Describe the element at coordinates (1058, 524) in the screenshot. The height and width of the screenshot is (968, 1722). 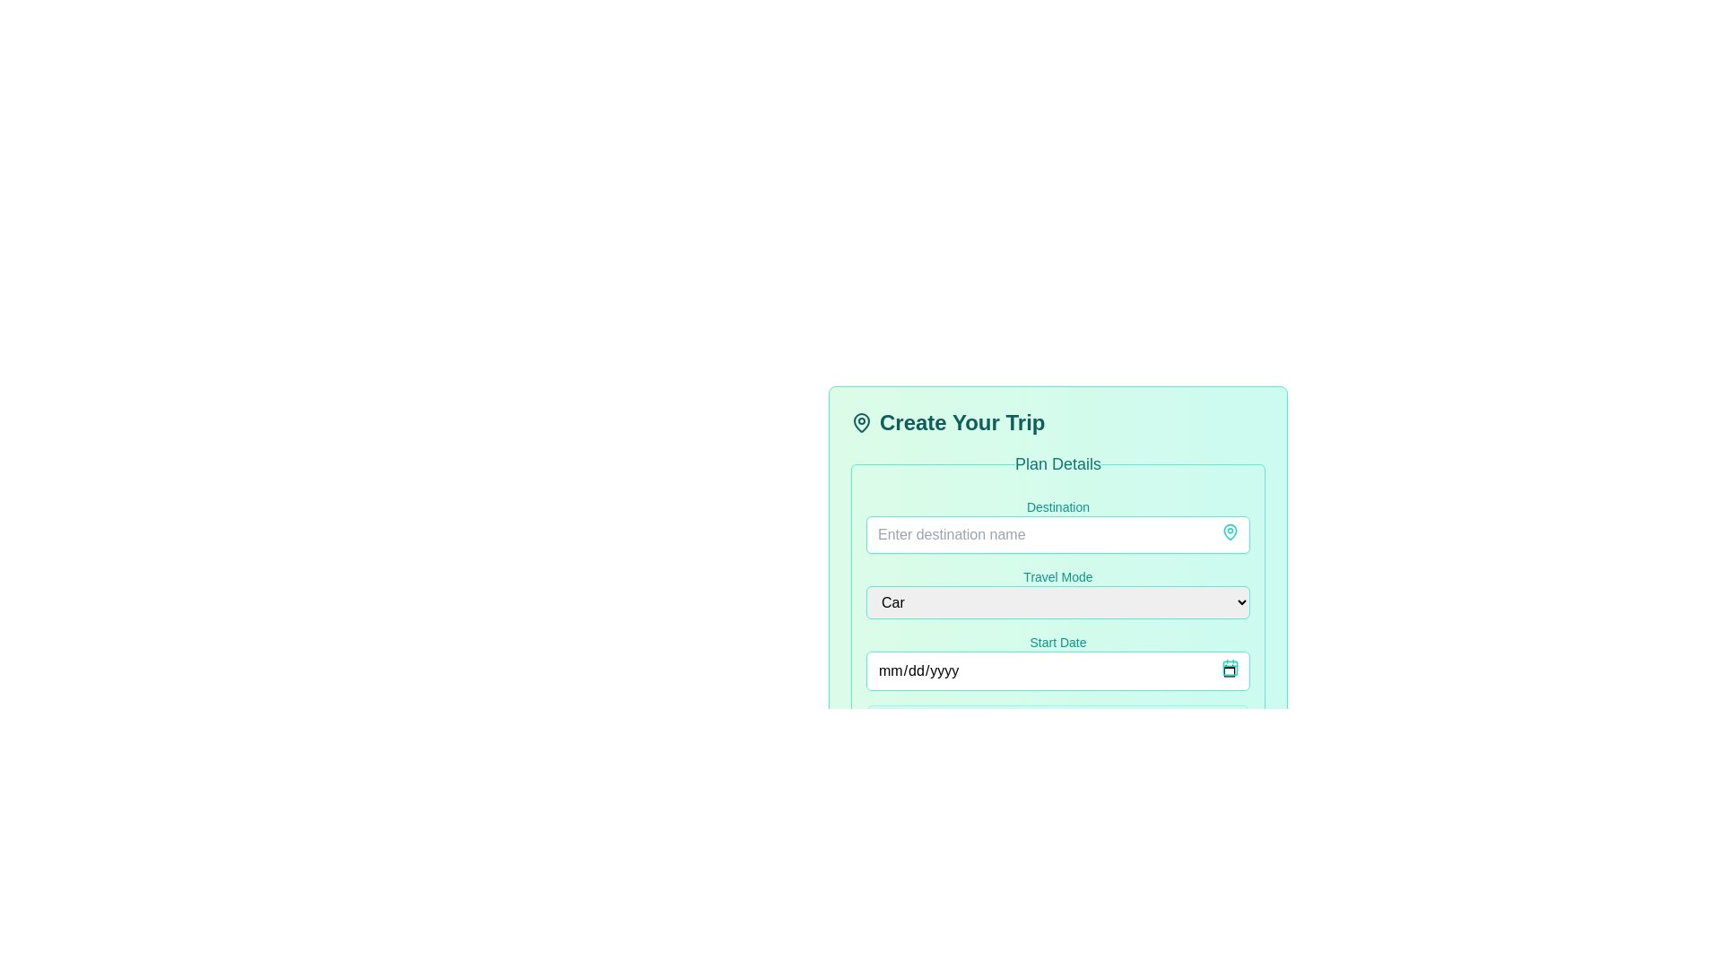
I see `the destination input field located at the top of the 'Plan Details' section by pressing the tab key` at that location.